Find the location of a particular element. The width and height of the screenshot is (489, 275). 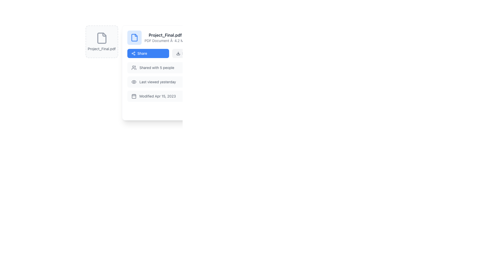

the blue file document icon located at the top-left corner of the pop-up informational card for 'Project_Final.pdf' is located at coordinates (134, 37).